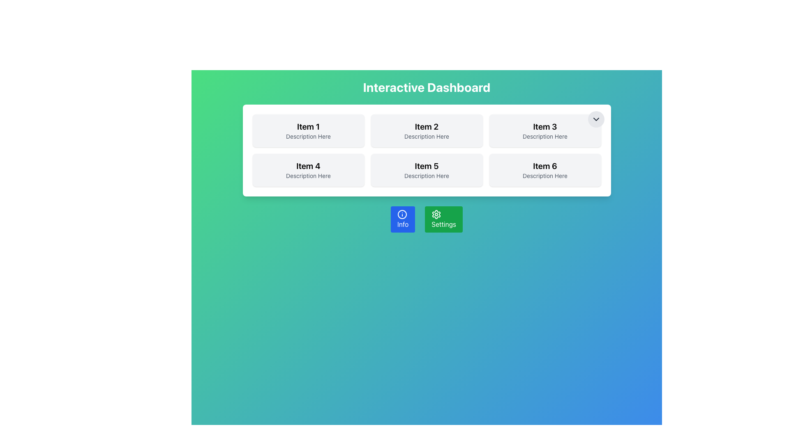  What do you see at coordinates (308, 136) in the screenshot?
I see `the text label that provides supporting information related to 'Item 1', which is located directly below the text titled 'Item 1' in the top-left card of the grid` at bounding box center [308, 136].